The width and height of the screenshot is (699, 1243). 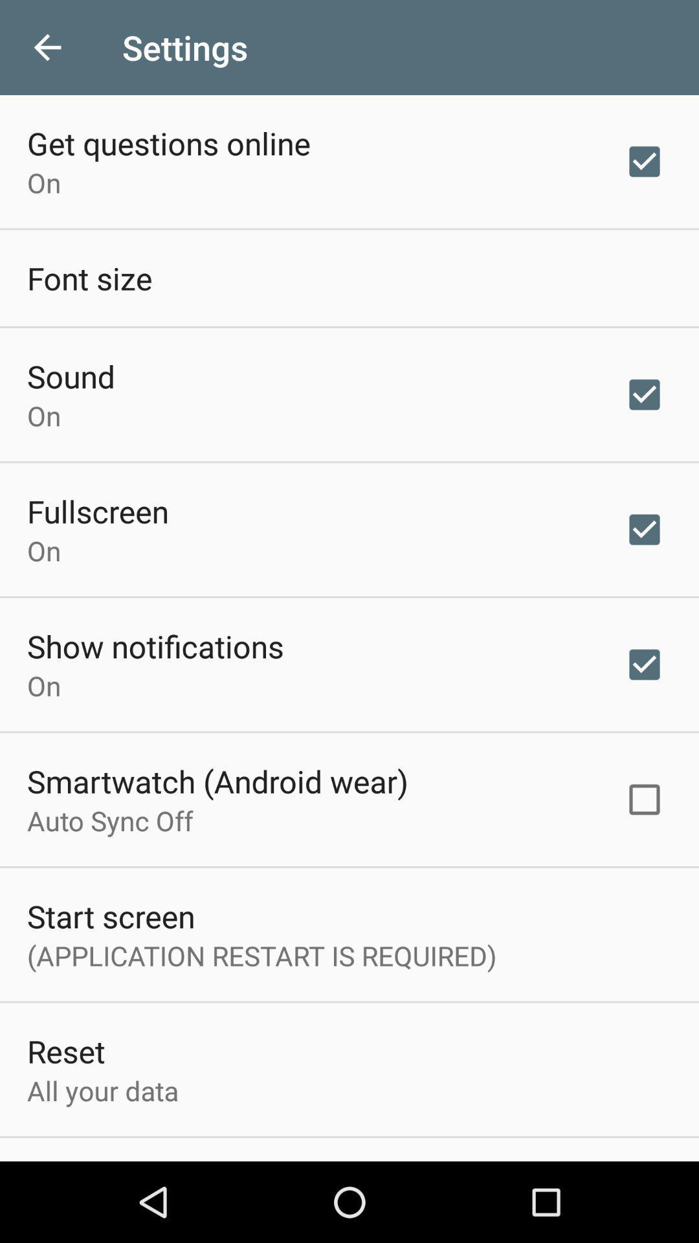 What do you see at coordinates (217, 780) in the screenshot?
I see `the icon above the auto sync off item` at bounding box center [217, 780].